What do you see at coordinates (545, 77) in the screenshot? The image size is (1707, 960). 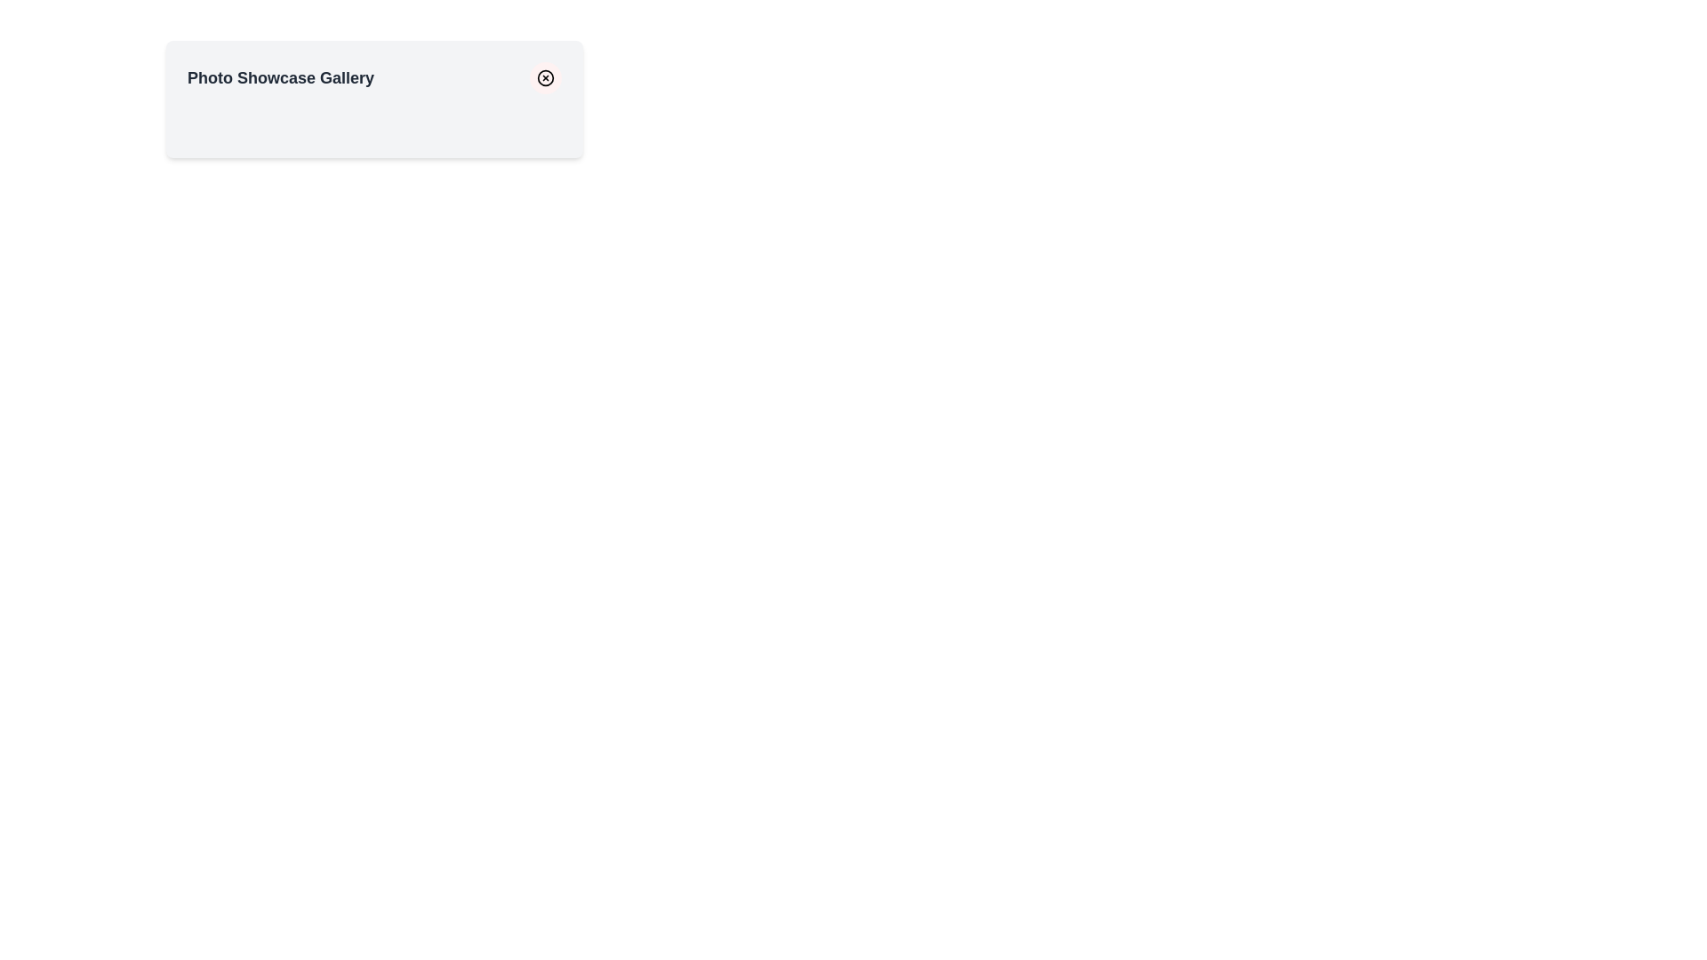 I see `the dismiss or close button located to the far right of the 'Photo Showcase Gallery' title` at bounding box center [545, 77].